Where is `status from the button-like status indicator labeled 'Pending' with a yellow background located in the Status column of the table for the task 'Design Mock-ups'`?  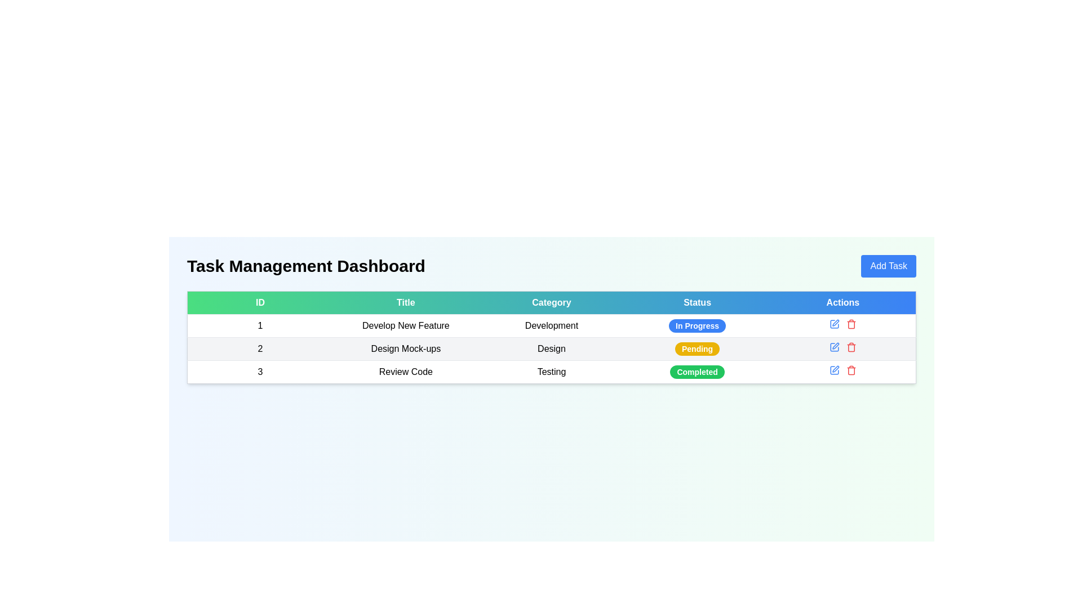
status from the button-like status indicator labeled 'Pending' with a yellow background located in the Status column of the table for the task 'Design Mock-ups' is located at coordinates (697, 348).